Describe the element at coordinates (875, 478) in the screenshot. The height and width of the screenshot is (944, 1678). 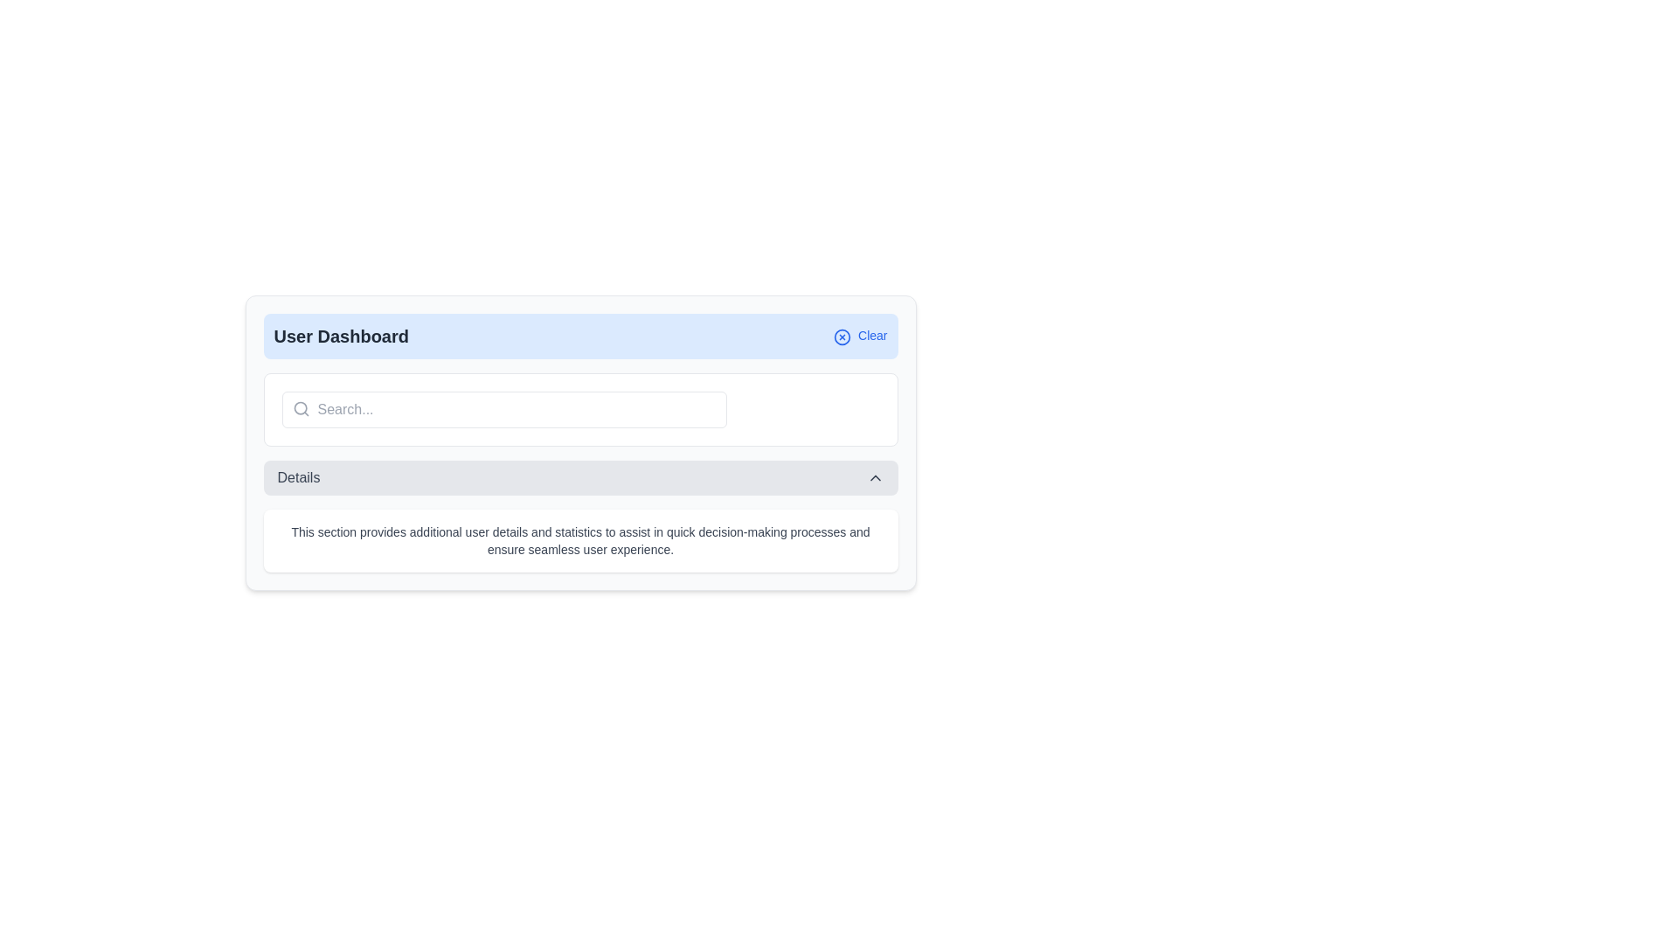
I see `the chevron-up icon located on the far right side of the horizontal bar labeled 'Details'` at that location.